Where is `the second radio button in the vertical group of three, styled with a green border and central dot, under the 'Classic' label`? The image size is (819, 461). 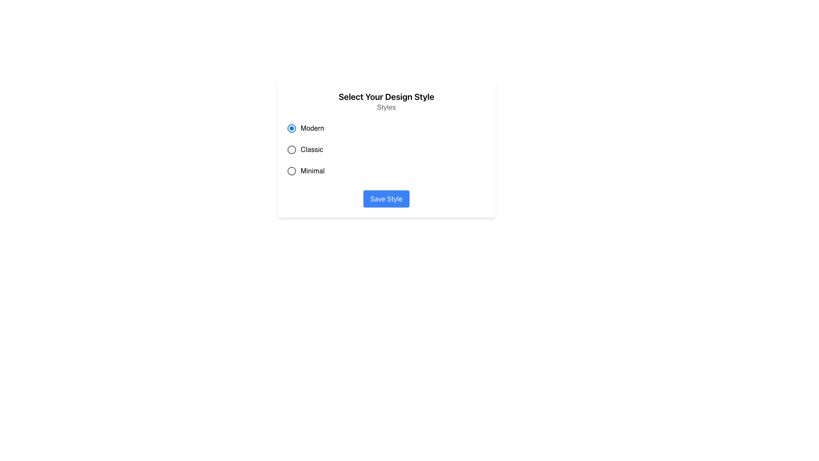 the second radio button in the vertical group of three, styled with a green border and central dot, under the 'Classic' label is located at coordinates (292, 149).